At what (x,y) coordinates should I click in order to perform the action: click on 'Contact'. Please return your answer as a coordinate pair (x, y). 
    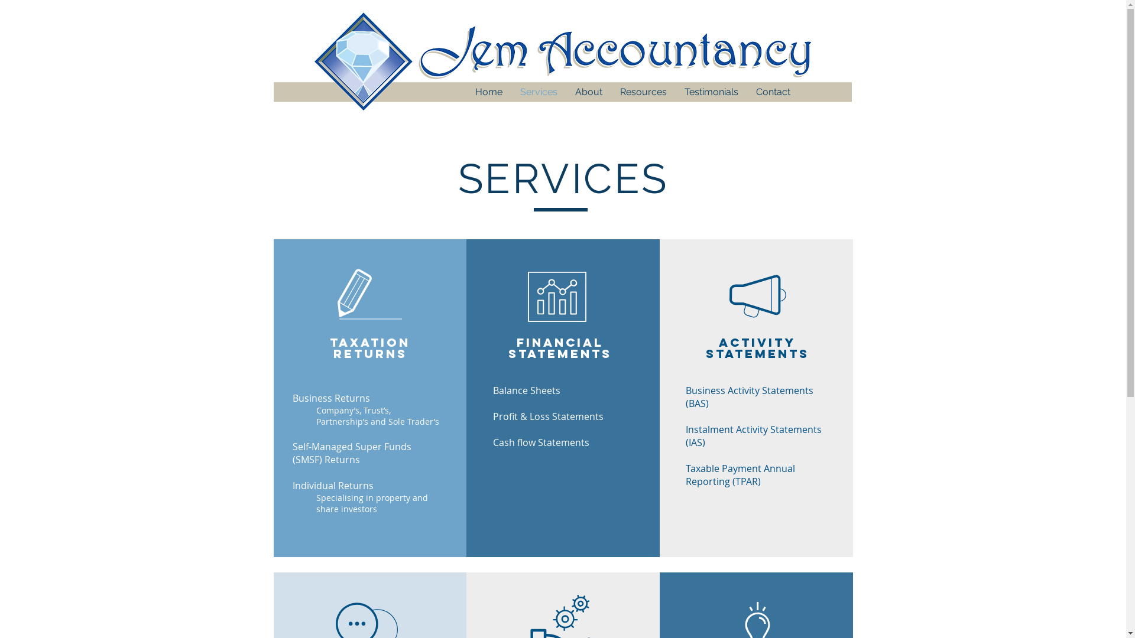
    Looking at the image, I should click on (746, 91).